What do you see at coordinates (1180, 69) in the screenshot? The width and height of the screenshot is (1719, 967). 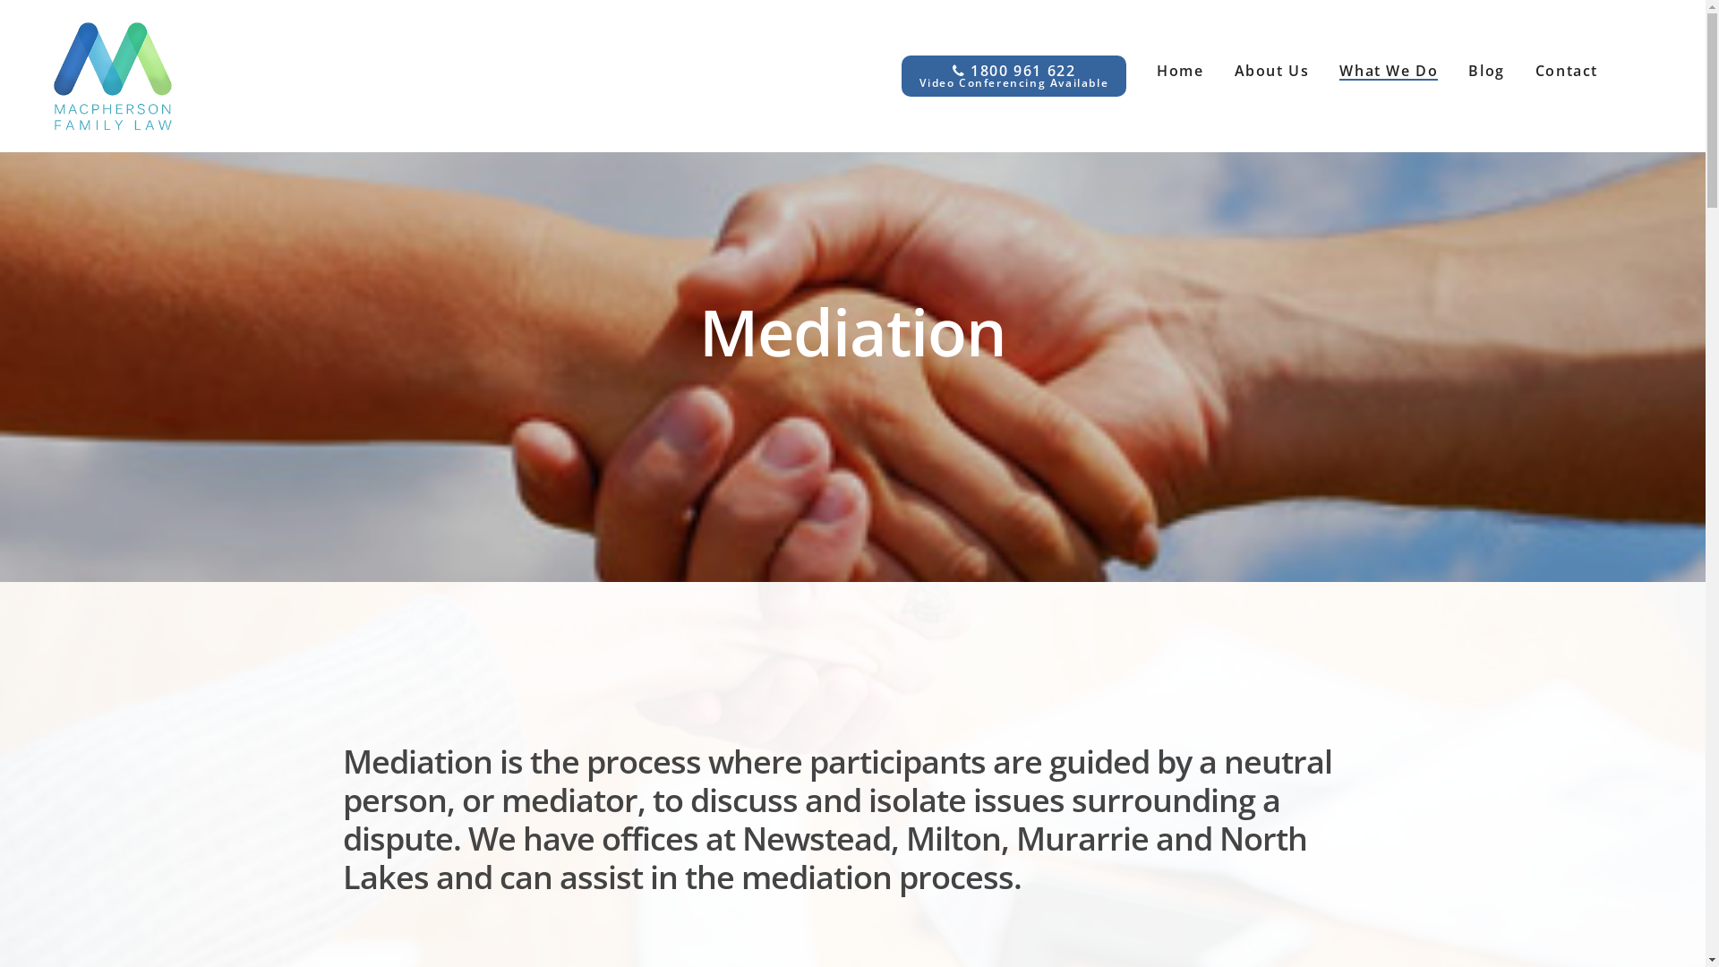 I see `'Home'` at bounding box center [1180, 69].